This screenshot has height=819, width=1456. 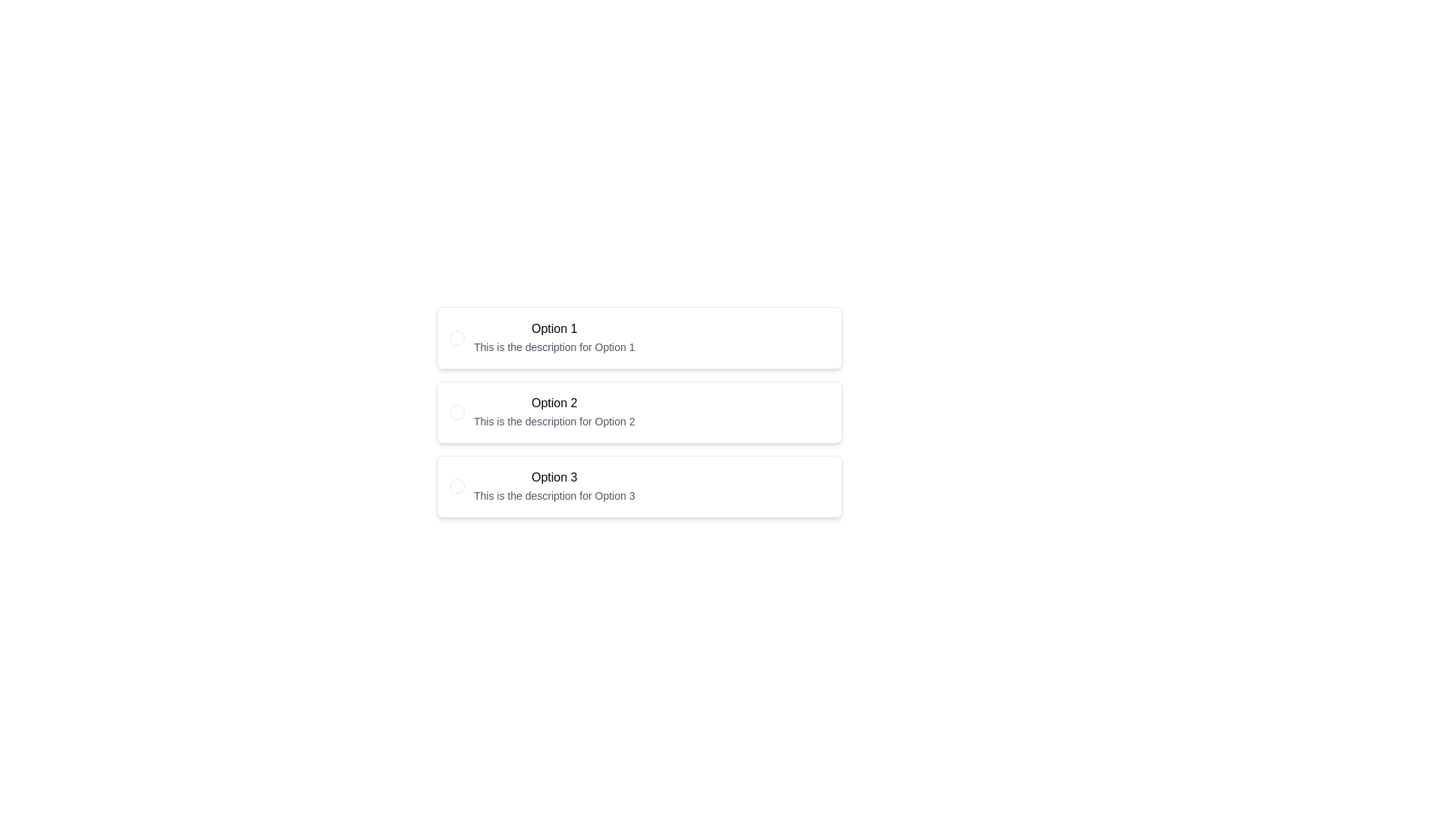 What do you see at coordinates (542, 412) in the screenshot?
I see `the radio button option located centrally in the list of radio buttons, positioned between 'Option 1' and 'Option 3'` at bounding box center [542, 412].